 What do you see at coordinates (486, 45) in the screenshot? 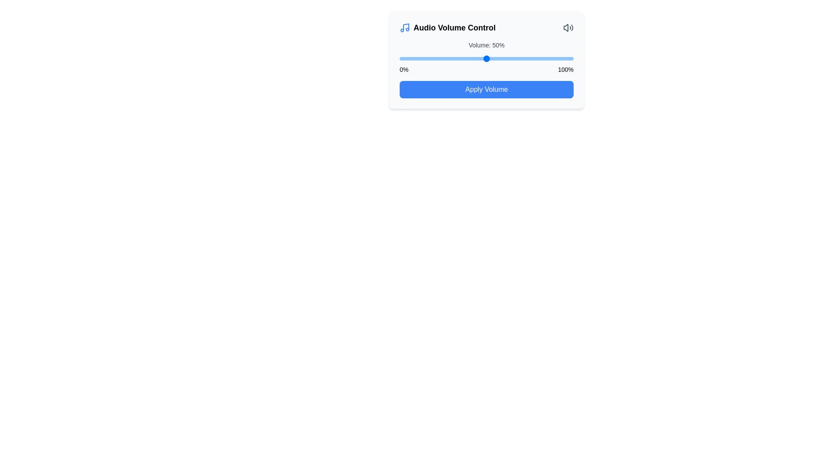
I see `the label displaying 'Volume: 50%' which is a medium-gray colored text positioned above the volume slider` at bounding box center [486, 45].